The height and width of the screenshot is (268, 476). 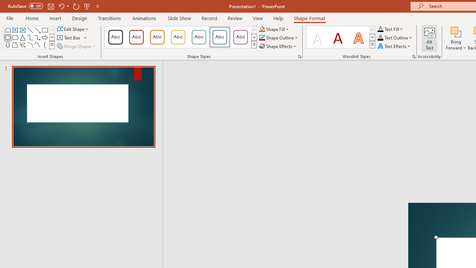 What do you see at coordinates (30, 37) in the screenshot?
I see `'Connector: Elbow'` at bounding box center [30, 37].